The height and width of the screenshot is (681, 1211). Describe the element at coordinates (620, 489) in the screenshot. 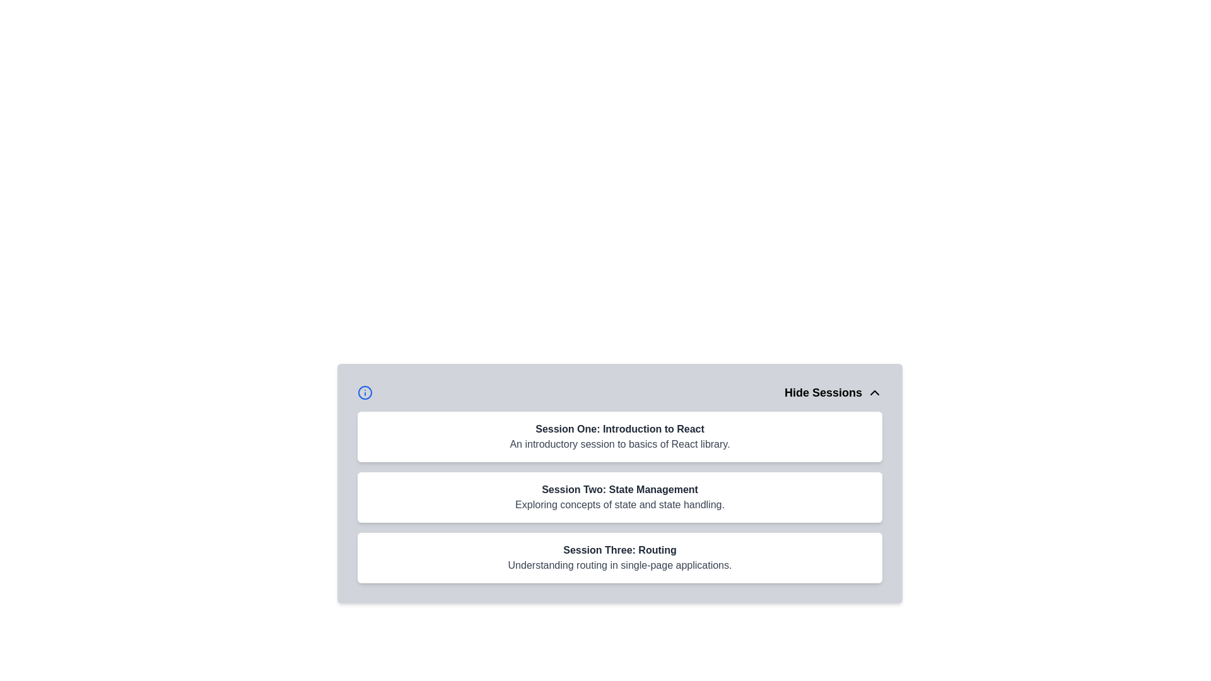

I see `text heading titled 'Session Two: State Management' located in the middle box of the section, which serves as the title for the session below it` at that location.